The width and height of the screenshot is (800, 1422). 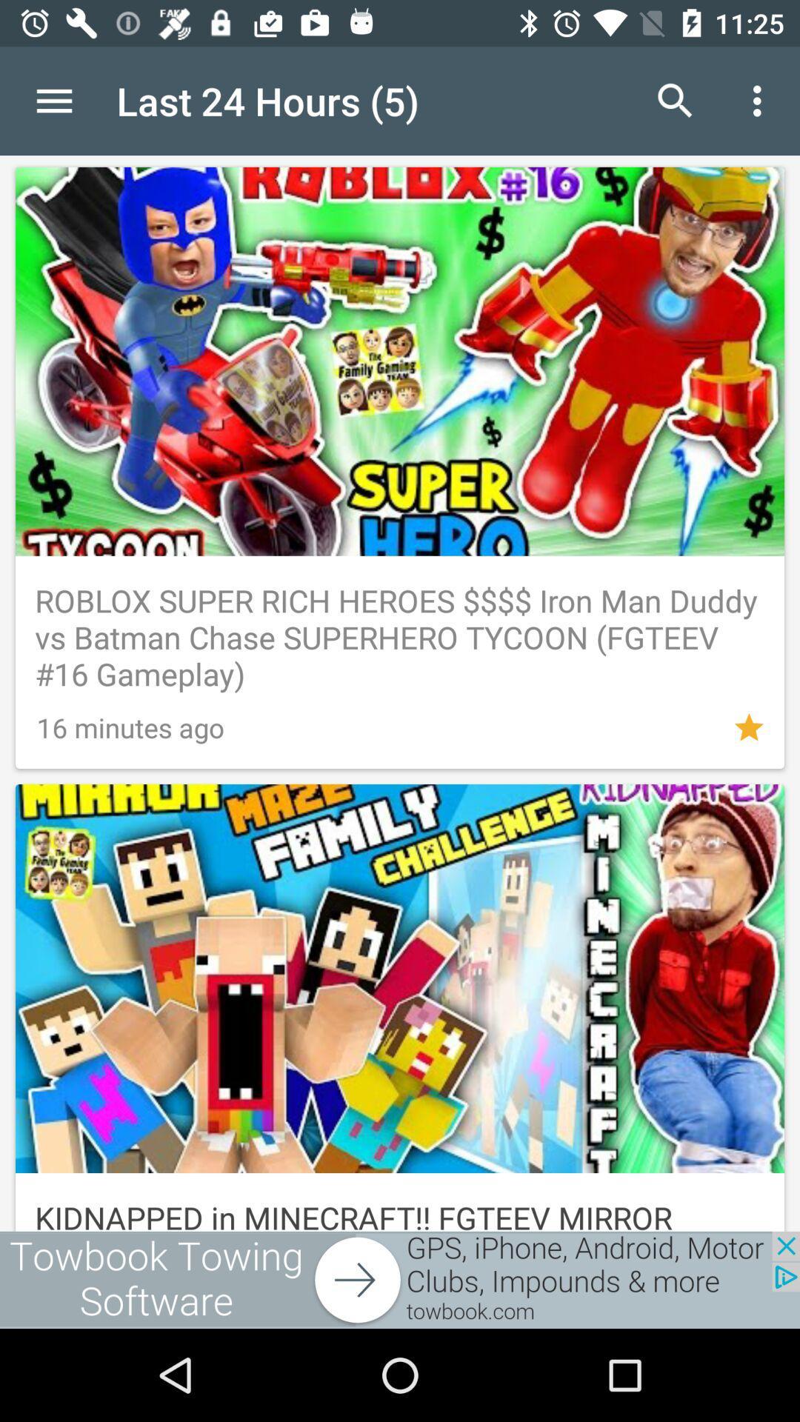 What do you see at coordinates (400, 1279) in the screenshot?
I see `open webpage of displayed advertisement` at bounding box center [400, 1279].